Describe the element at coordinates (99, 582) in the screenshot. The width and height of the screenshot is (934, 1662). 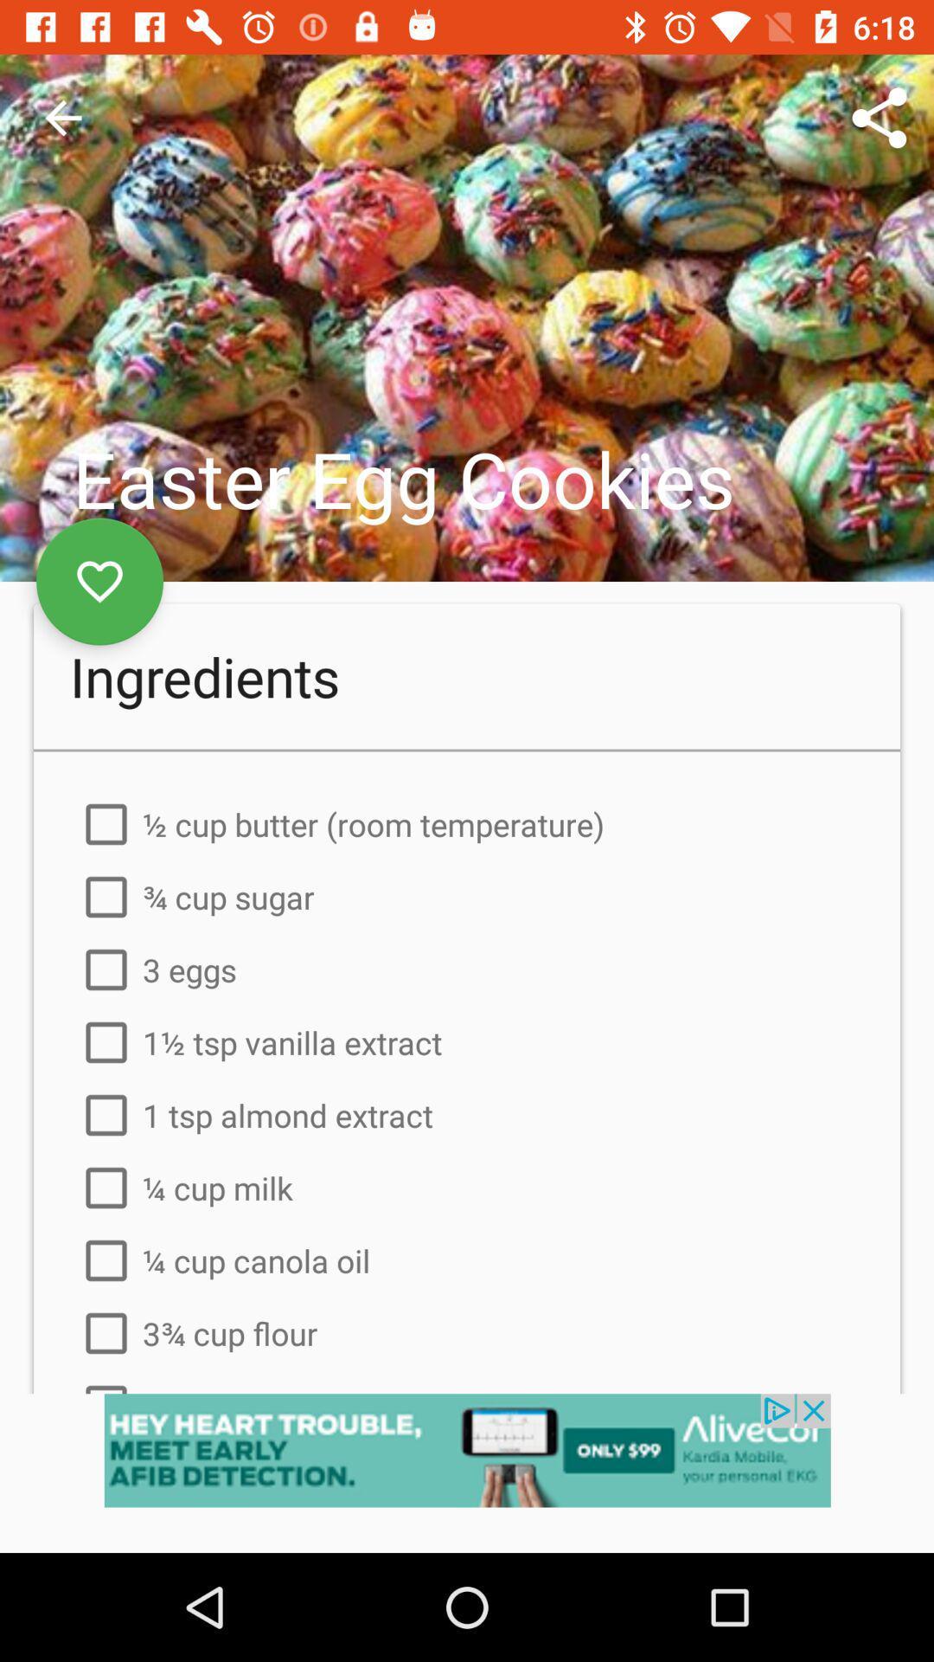
I see `the favorite icon` at that location.